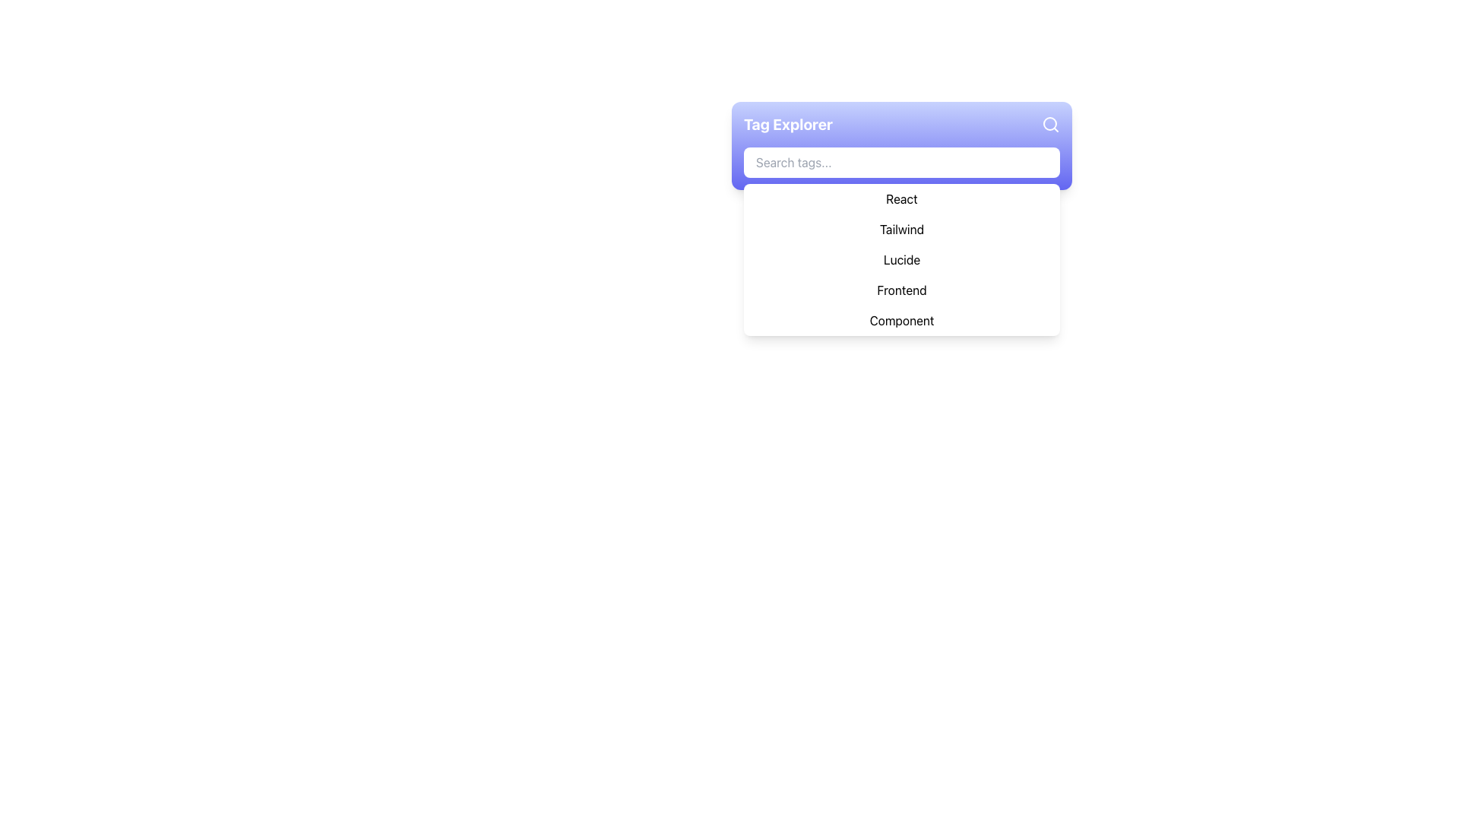 The width and height of the screenshot is (1459, 821). What do you see at coordinates (901, 229) in the screenshot?
I see `the second text-based selectable list item labeled 'Tailwind' in the 'Tag Explorer' component` at bounding box center [901, 229].